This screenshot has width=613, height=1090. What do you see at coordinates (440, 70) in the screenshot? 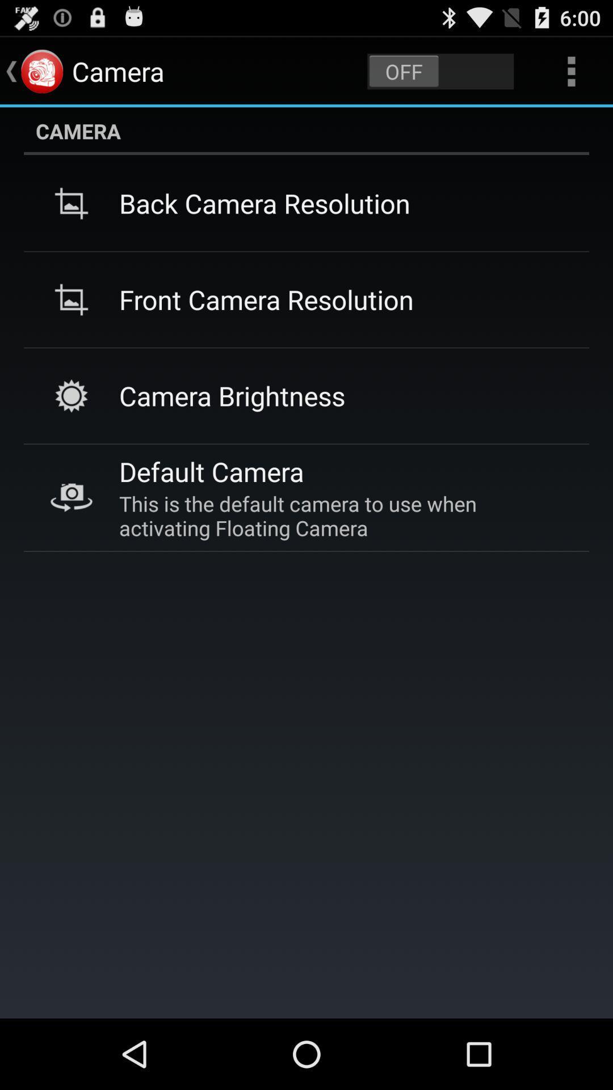
I see `turn on camera` at bounding box center [440, 70].